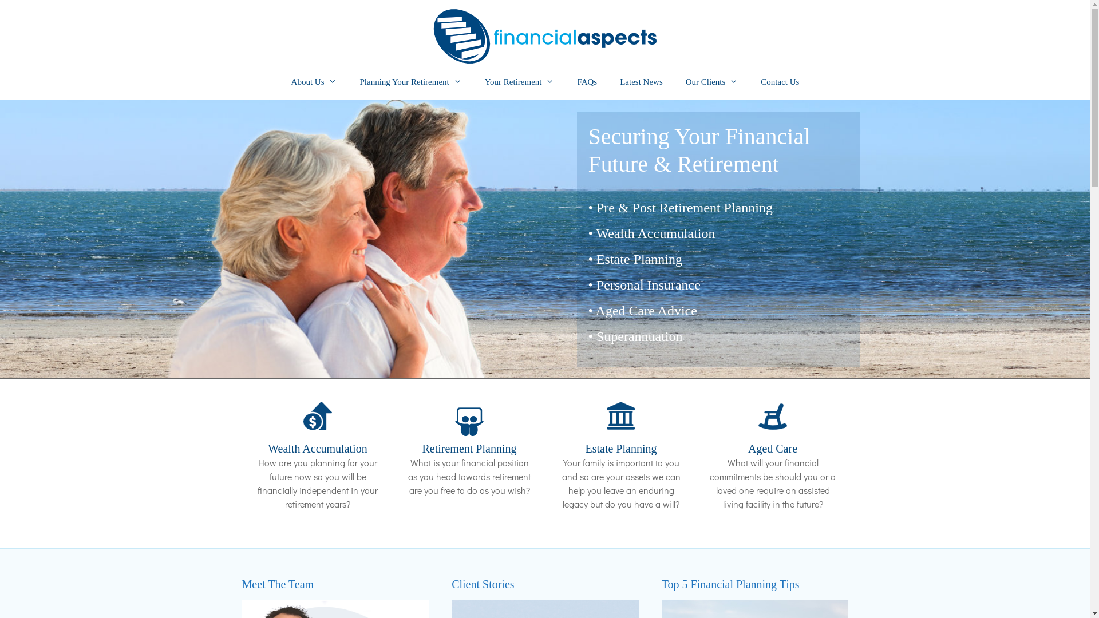 This screenshot has height=618, width=1099. Describe the element at coordinates (779, 81) in the screenshot. I see `'Contact Us'` at that location.